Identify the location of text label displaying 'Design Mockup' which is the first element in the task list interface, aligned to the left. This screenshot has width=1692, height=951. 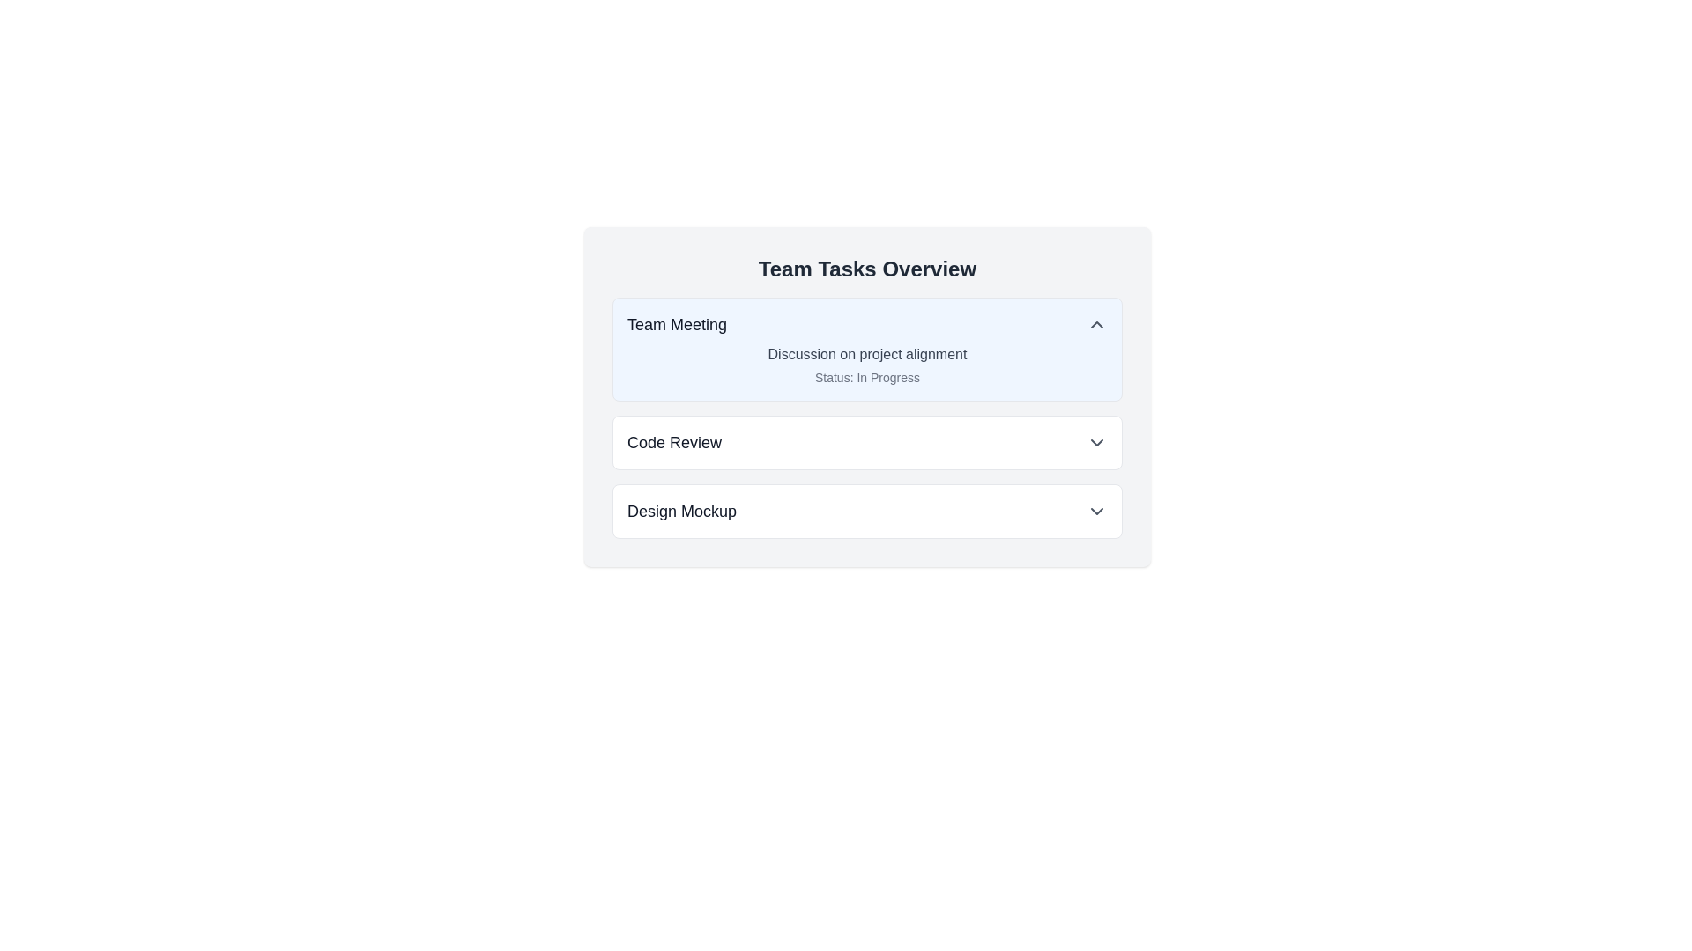
(680, 512).